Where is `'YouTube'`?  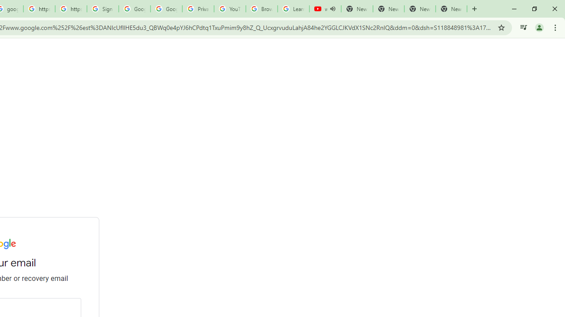
'YouTube' is located at coordinates (230, 9).